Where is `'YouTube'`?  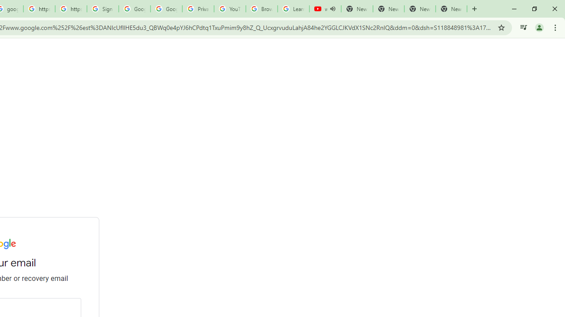
'YouTube' is located at coordinates (230, 9).